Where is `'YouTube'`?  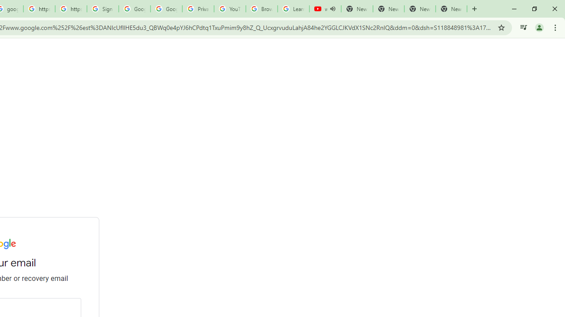
'YouTube' is located at coordinates (230, 9).